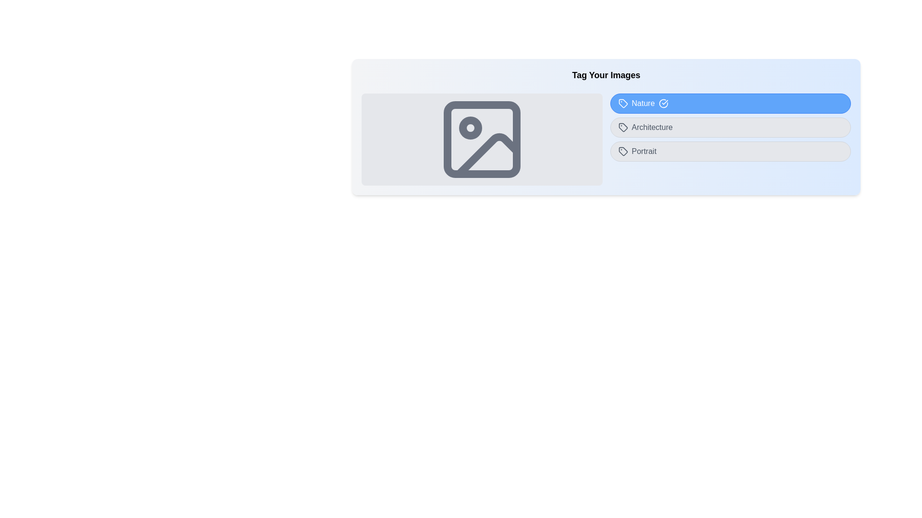 The height and width of the screenshot is (518, 922). What do you see at coordinates (730, 127) in the screenshot?
I see `the tag Architecture` at bounding box center [730, 127].